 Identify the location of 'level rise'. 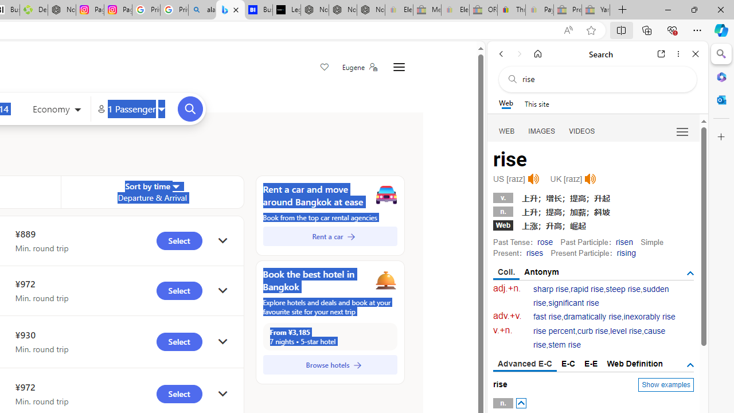
(625, 331).